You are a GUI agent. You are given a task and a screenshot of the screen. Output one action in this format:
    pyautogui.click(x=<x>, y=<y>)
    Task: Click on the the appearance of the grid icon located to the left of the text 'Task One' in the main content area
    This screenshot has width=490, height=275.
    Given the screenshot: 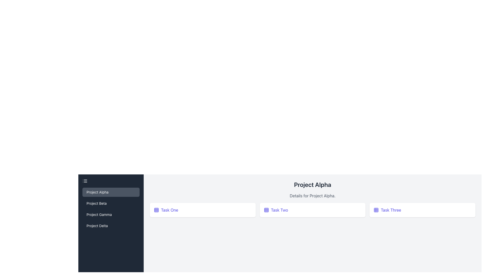 What is the action you would take?
    pyautogui.click(x=156, y=210)
    